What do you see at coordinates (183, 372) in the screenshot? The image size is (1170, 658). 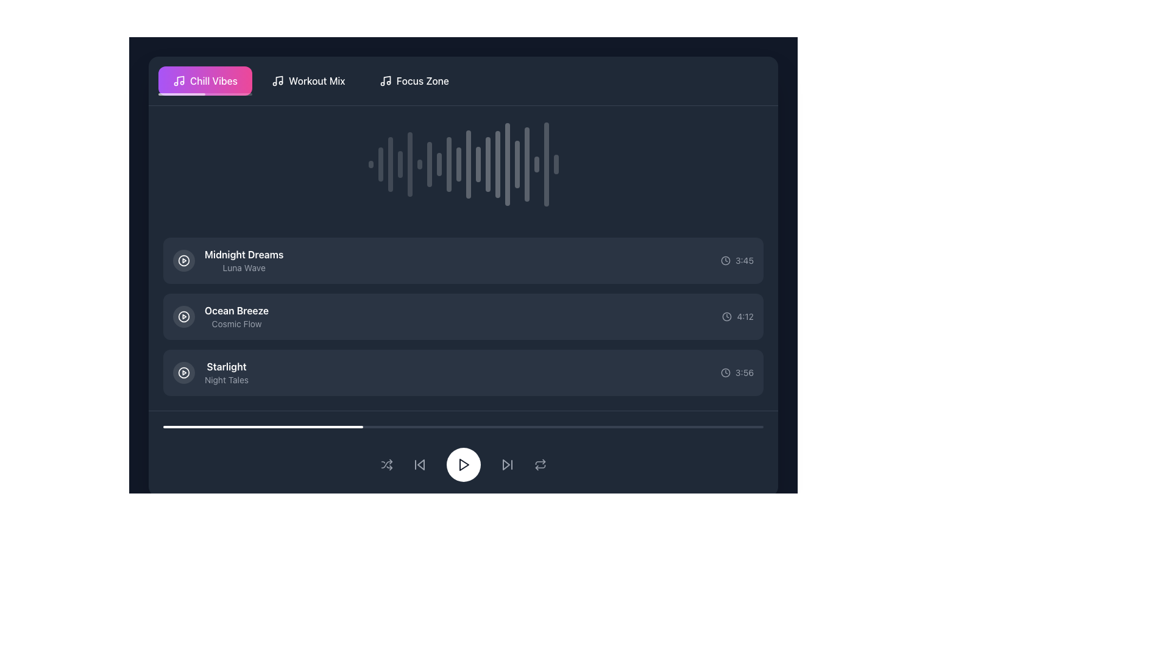 I see `the central circular part of the play button icon for the 'Starlight' music playlist item` at bounding box center [183, 372].